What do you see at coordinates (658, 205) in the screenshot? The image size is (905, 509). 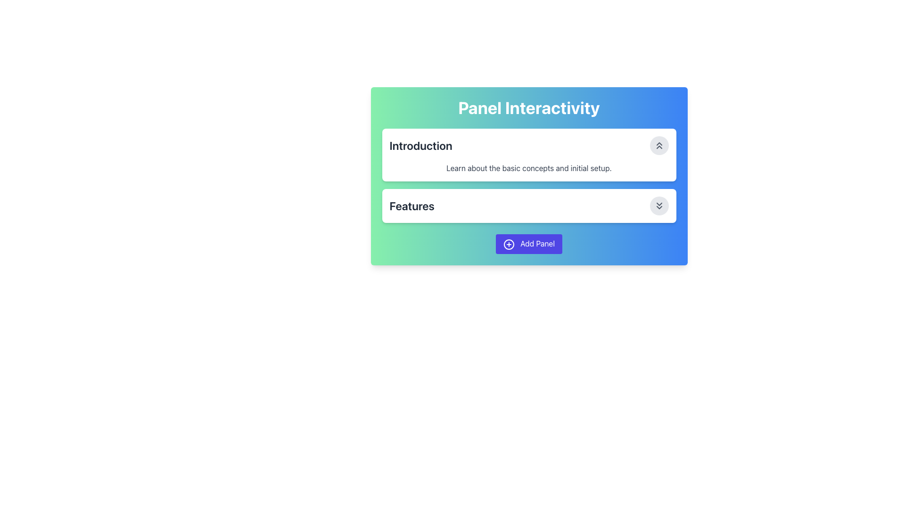 I see `the button at the extreme right end of the 'Features' panel header` at bounding box center [658, 205].